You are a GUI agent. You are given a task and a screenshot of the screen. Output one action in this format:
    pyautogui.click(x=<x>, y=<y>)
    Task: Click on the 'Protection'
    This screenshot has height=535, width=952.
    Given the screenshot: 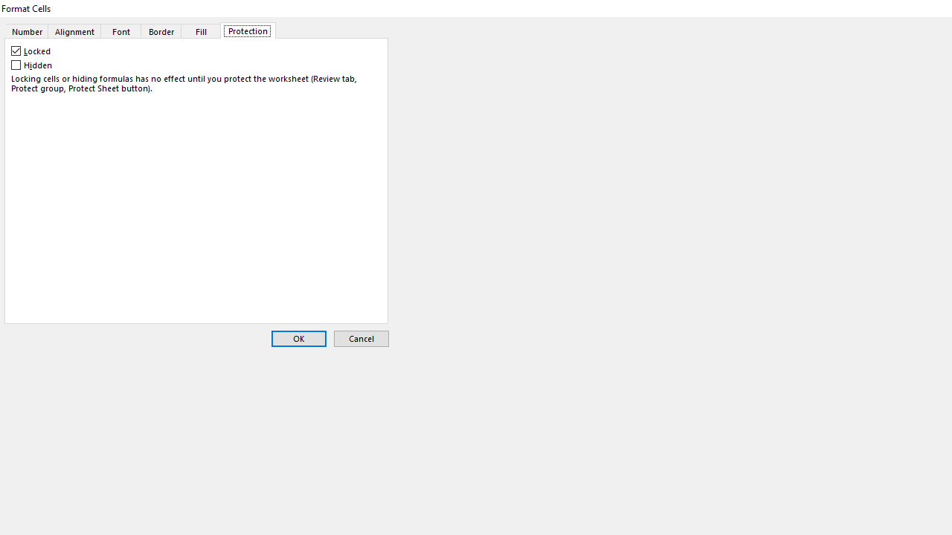 What is the action you would take?
    pyautogui.click(x=248, y=30)
    